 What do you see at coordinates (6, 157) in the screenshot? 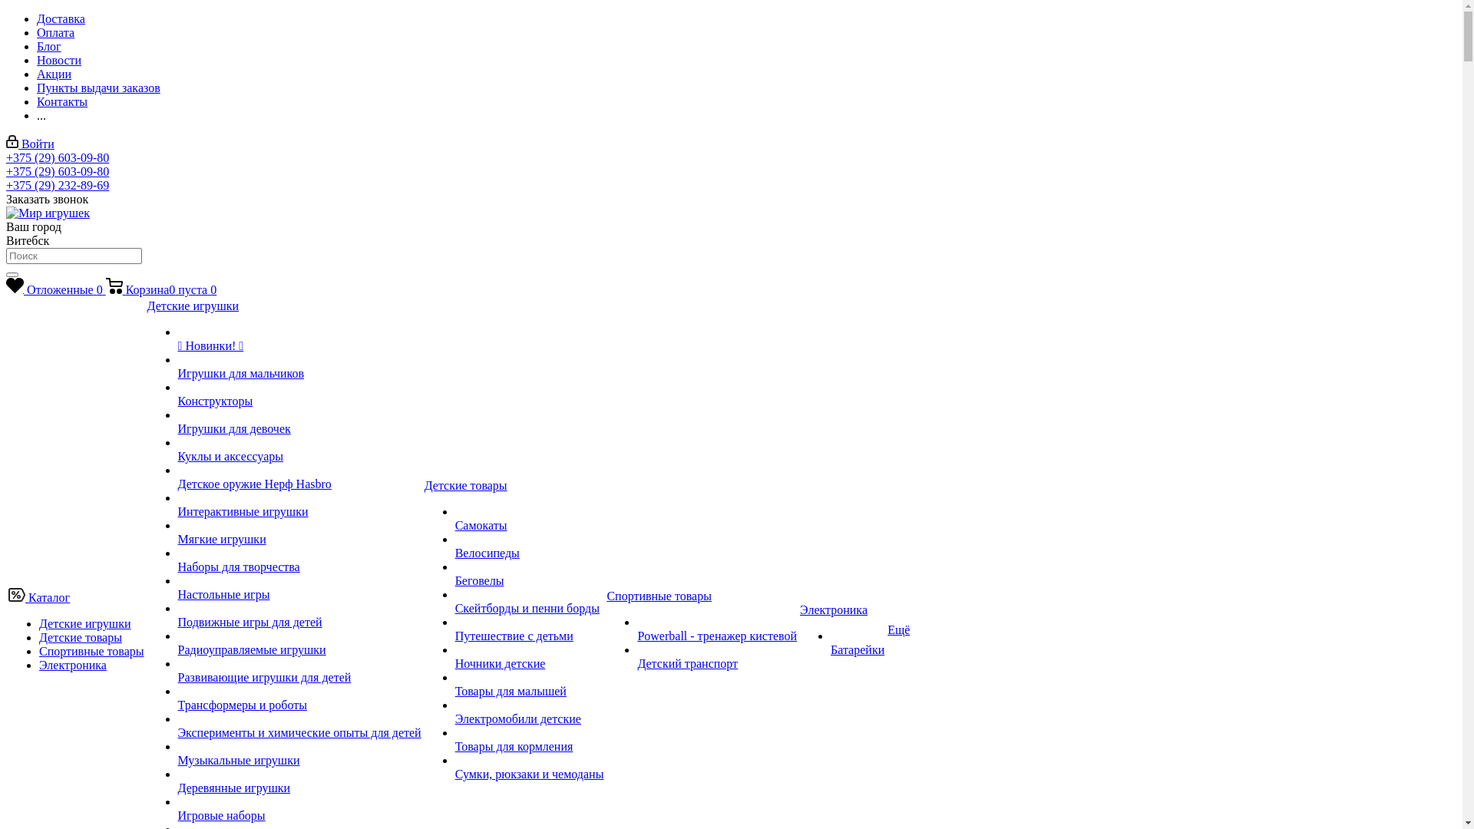
I see `'+375 (29) 603-09-80'` at bounding box center [6, 157].